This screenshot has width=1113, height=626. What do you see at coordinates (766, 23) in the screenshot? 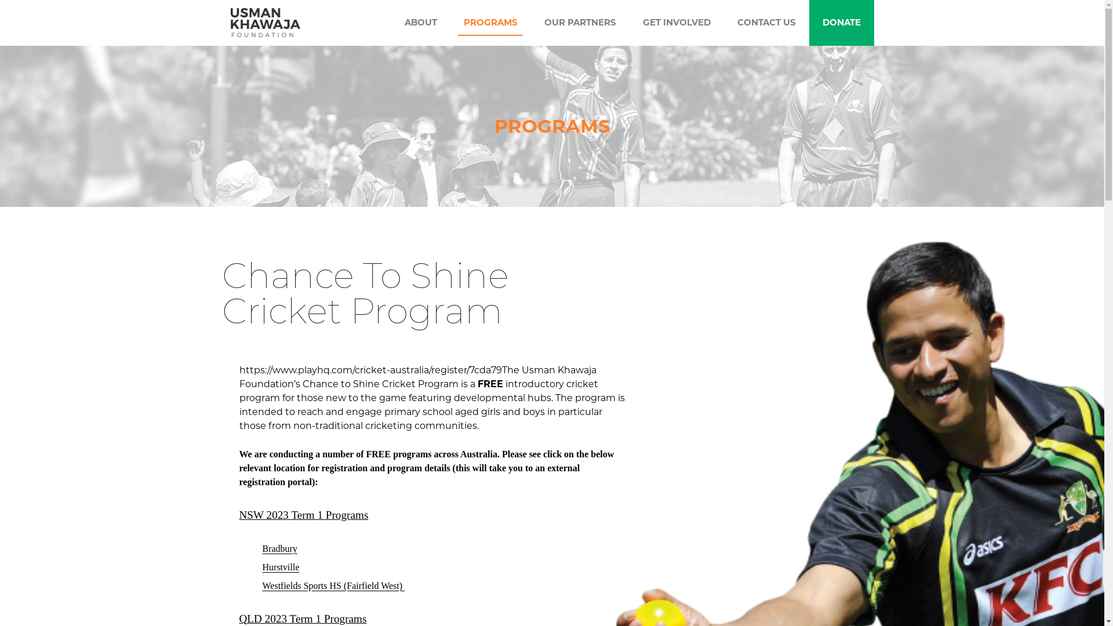
I see `'CONTACT US'` at bounding box center [766, 23].